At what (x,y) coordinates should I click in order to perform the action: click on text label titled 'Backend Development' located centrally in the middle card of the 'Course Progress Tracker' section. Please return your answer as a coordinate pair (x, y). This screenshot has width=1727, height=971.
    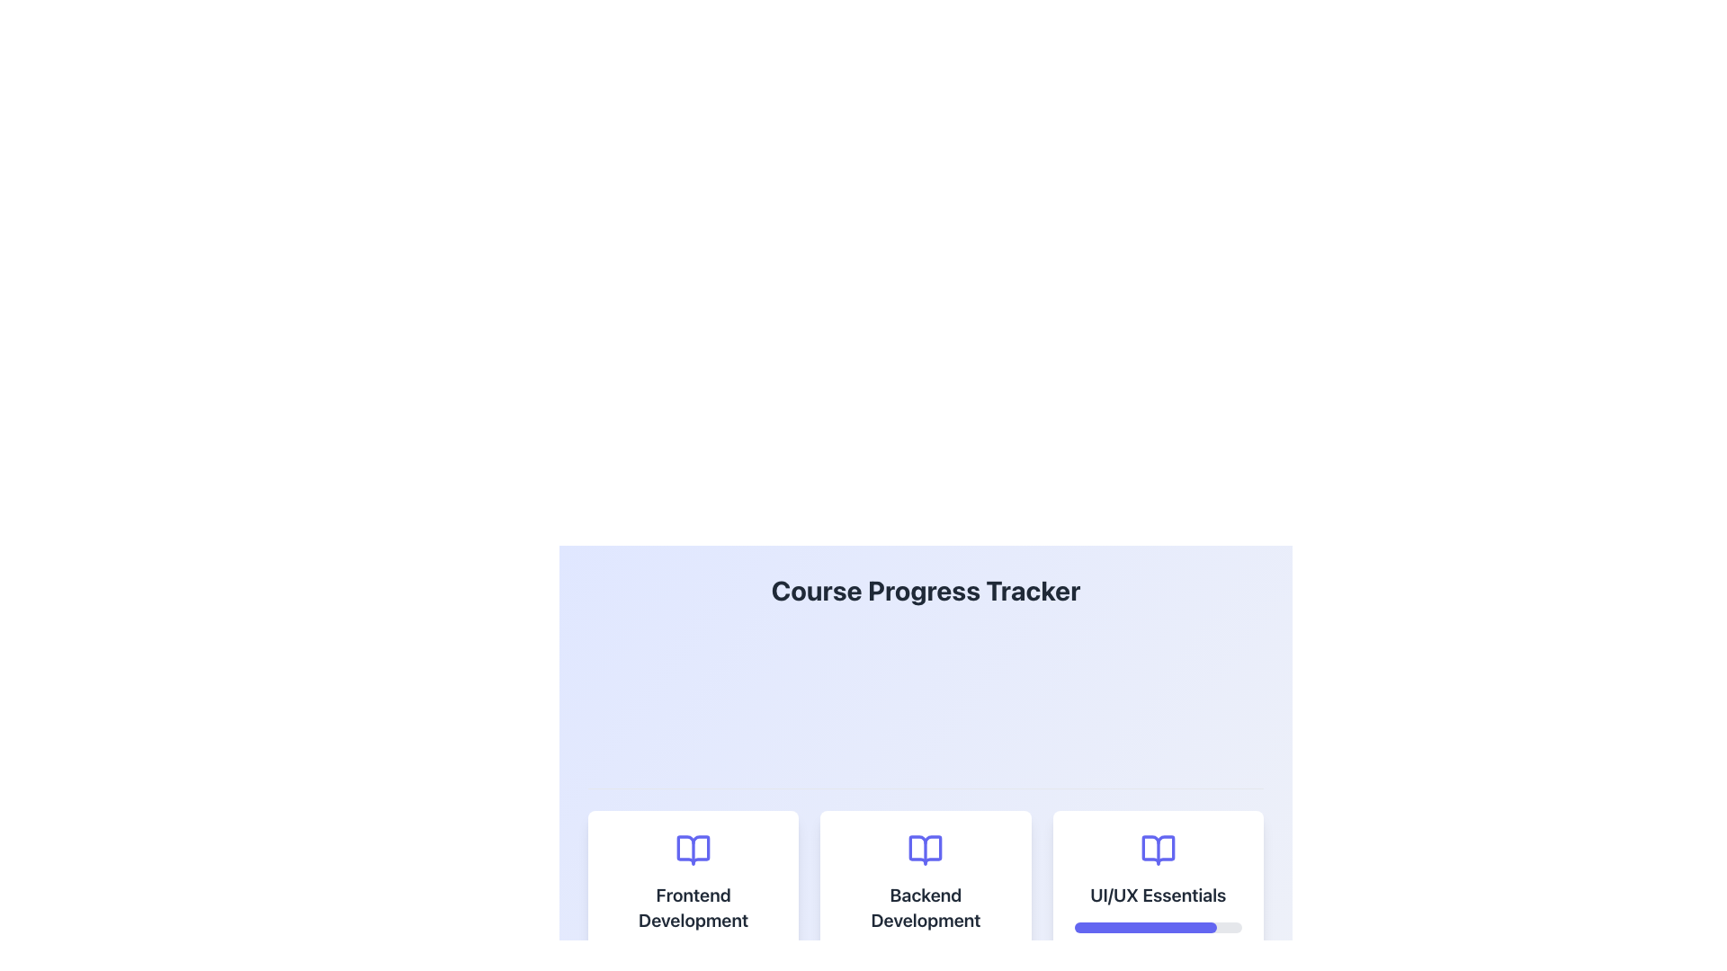
    Looking at the image, I should click on (926, 908).